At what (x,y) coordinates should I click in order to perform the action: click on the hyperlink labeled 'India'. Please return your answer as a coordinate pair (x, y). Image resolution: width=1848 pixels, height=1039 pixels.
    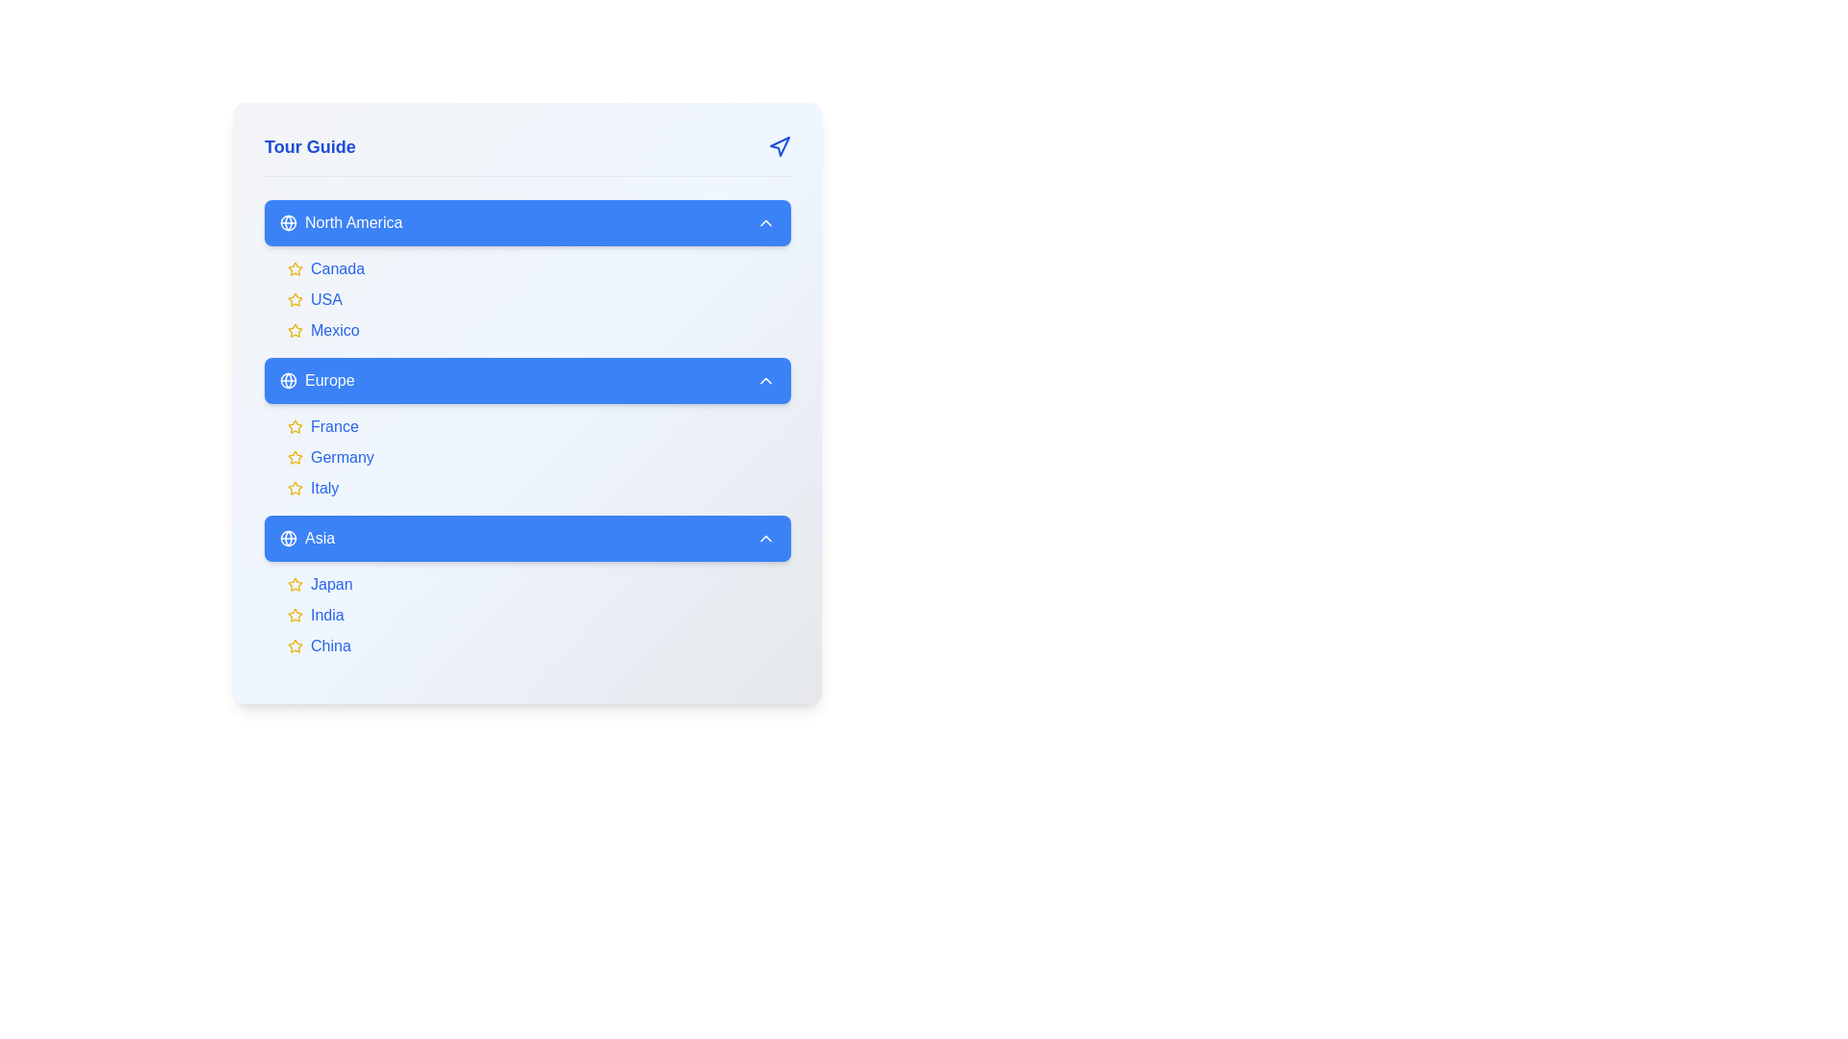
    Looking at the image, I should click on (327, 616).